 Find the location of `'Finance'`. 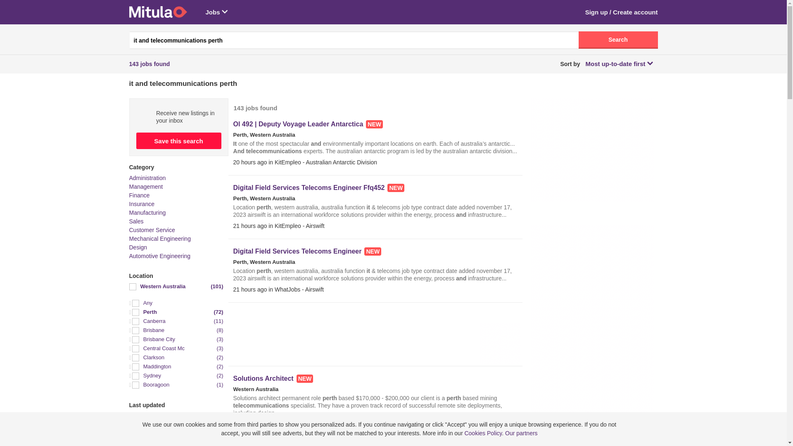

'Finance' is located at coordinates (128, 195).